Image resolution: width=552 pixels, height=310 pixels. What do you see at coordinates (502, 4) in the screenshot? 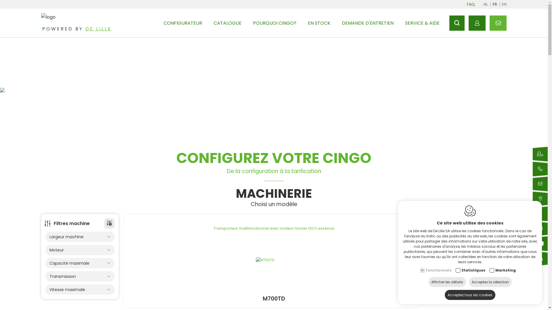
I see `'EN'` at bounding box center [502, 4].